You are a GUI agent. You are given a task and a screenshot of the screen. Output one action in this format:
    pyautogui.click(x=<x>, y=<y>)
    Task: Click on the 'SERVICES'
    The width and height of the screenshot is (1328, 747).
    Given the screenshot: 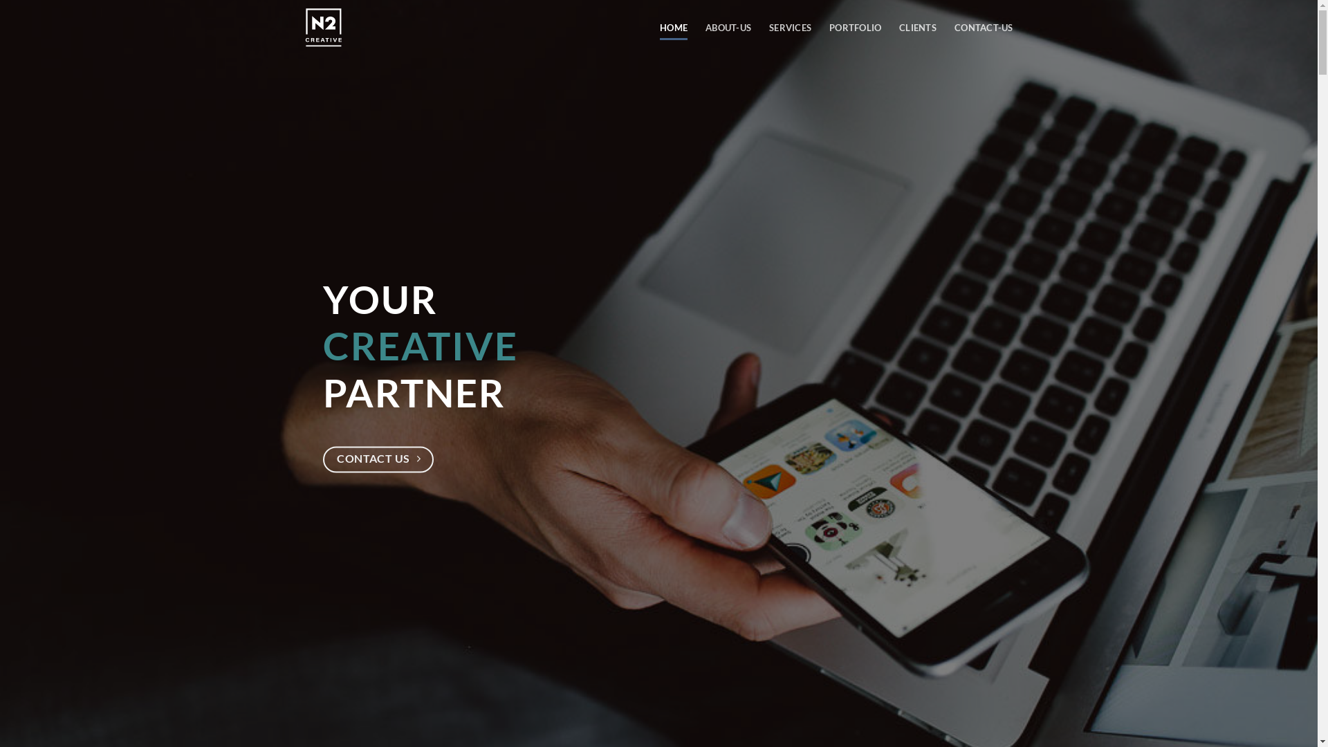 What is the action you would take?
    pyautogui.click(x=768, y=27)
    